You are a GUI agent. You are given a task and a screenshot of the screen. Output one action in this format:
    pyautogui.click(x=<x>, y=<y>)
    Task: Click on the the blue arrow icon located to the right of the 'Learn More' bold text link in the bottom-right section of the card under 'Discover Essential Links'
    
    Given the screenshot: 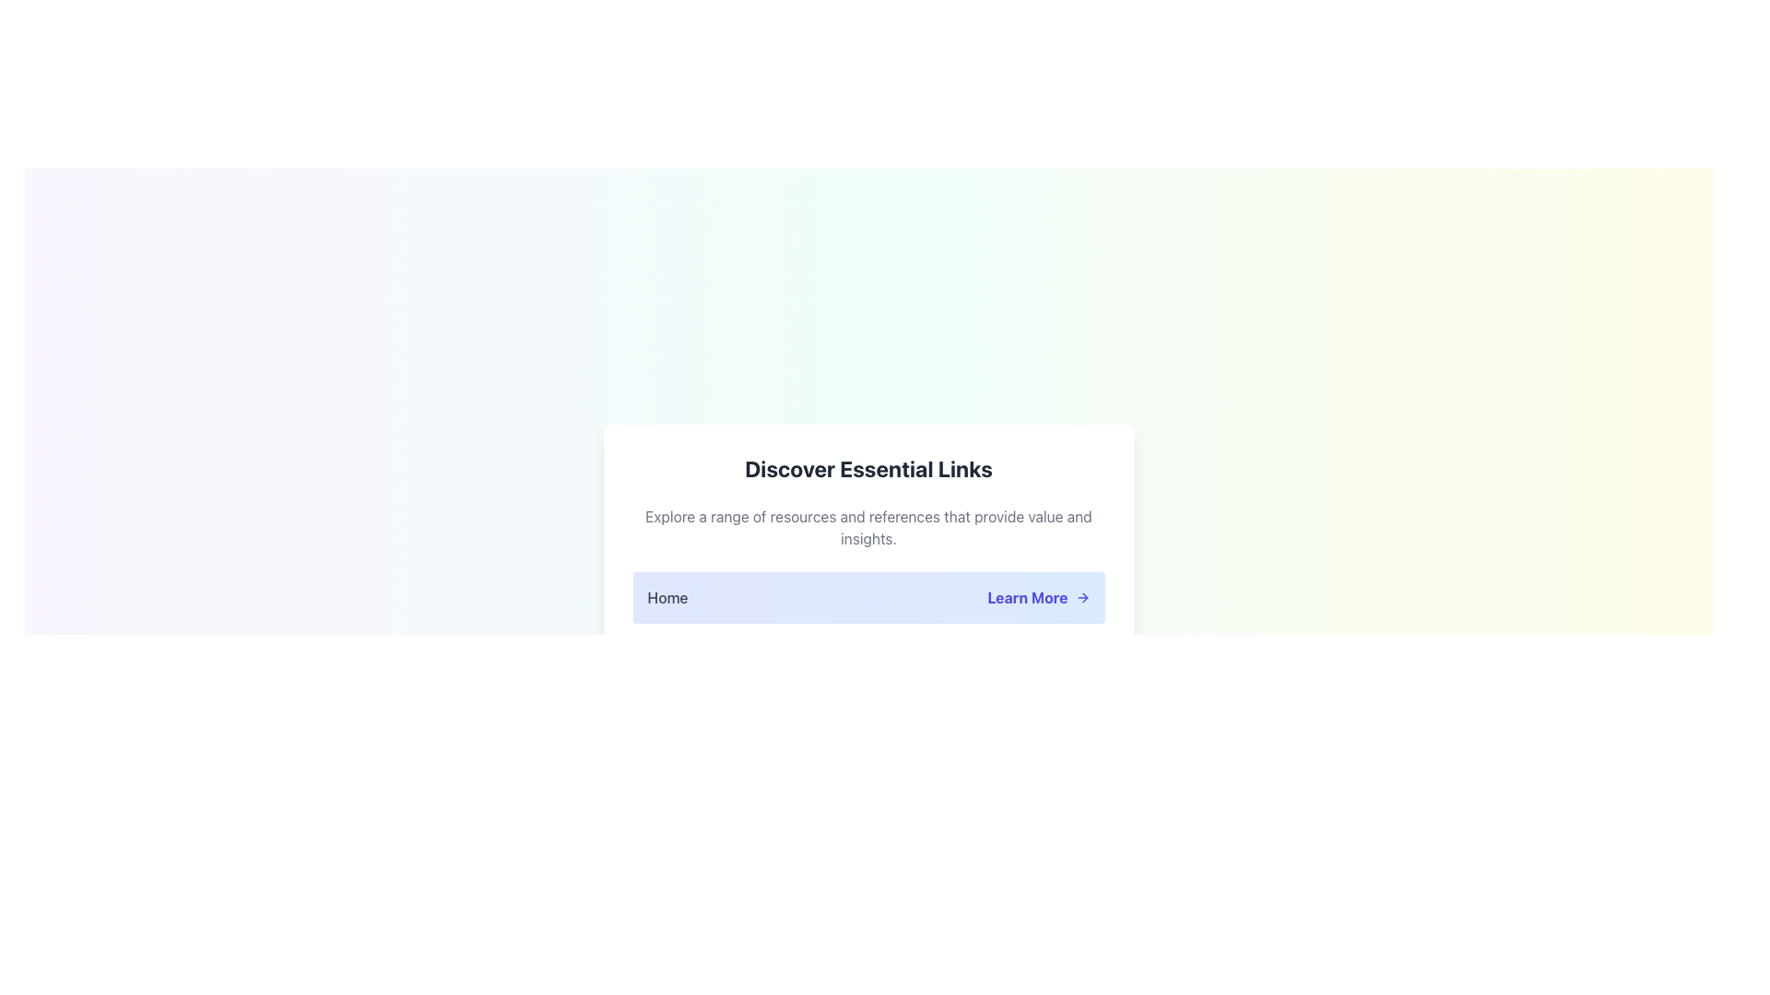 What is the action you would take?
    pyautogui.click(x=1082, y=597)
    